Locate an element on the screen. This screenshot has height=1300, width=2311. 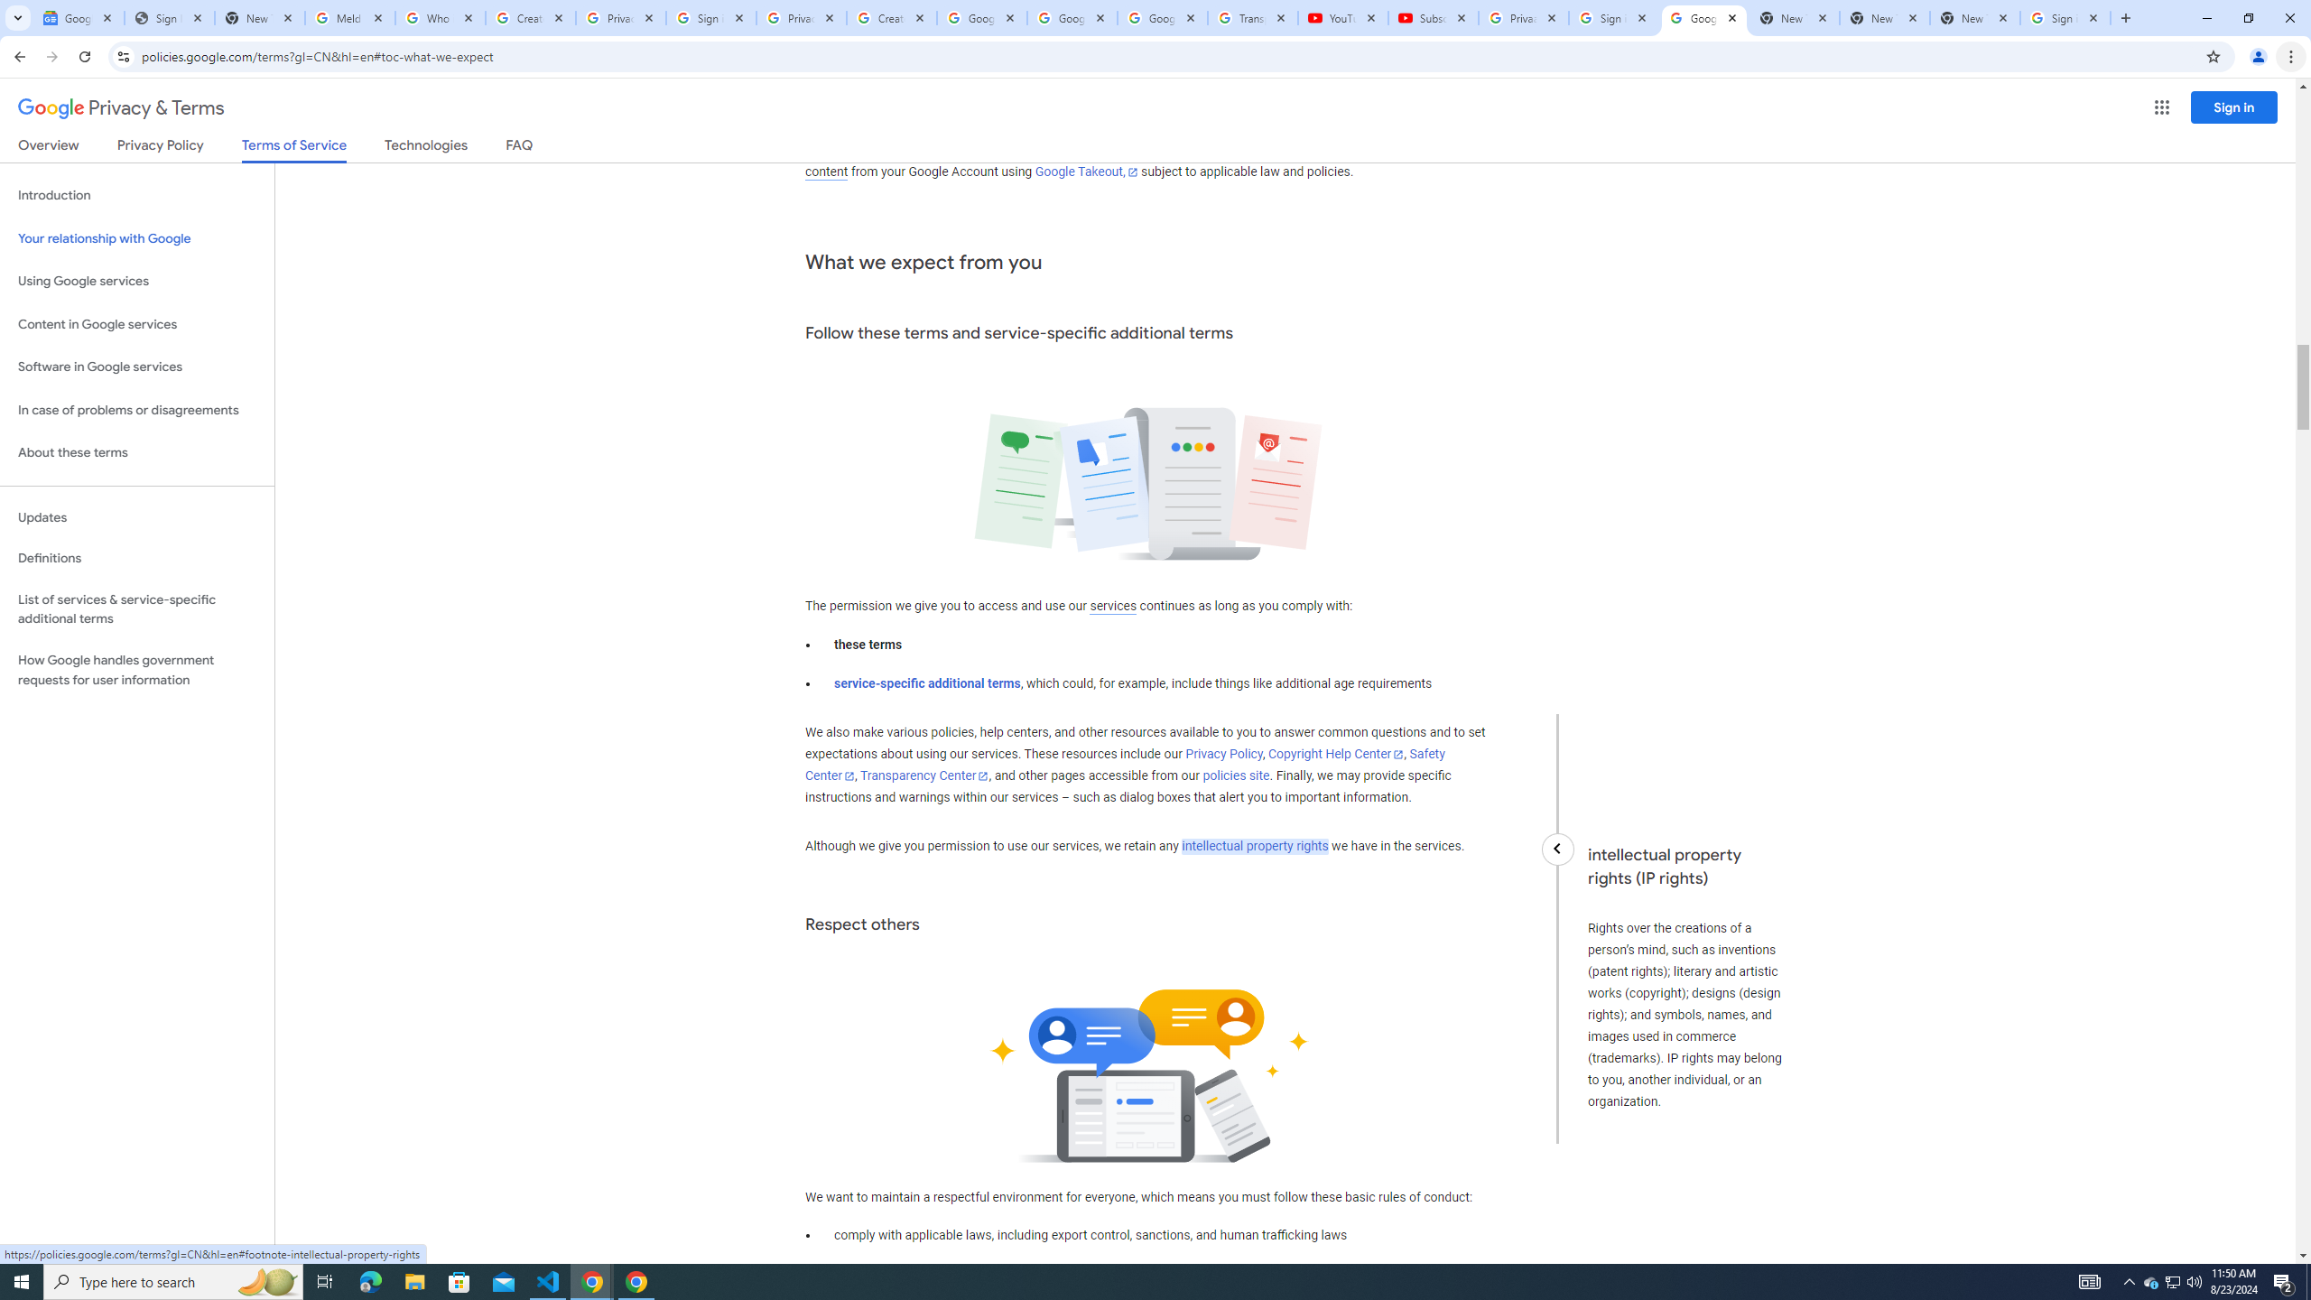
'Subscriptions - YouTube' is located at coordinates (1432, 17).